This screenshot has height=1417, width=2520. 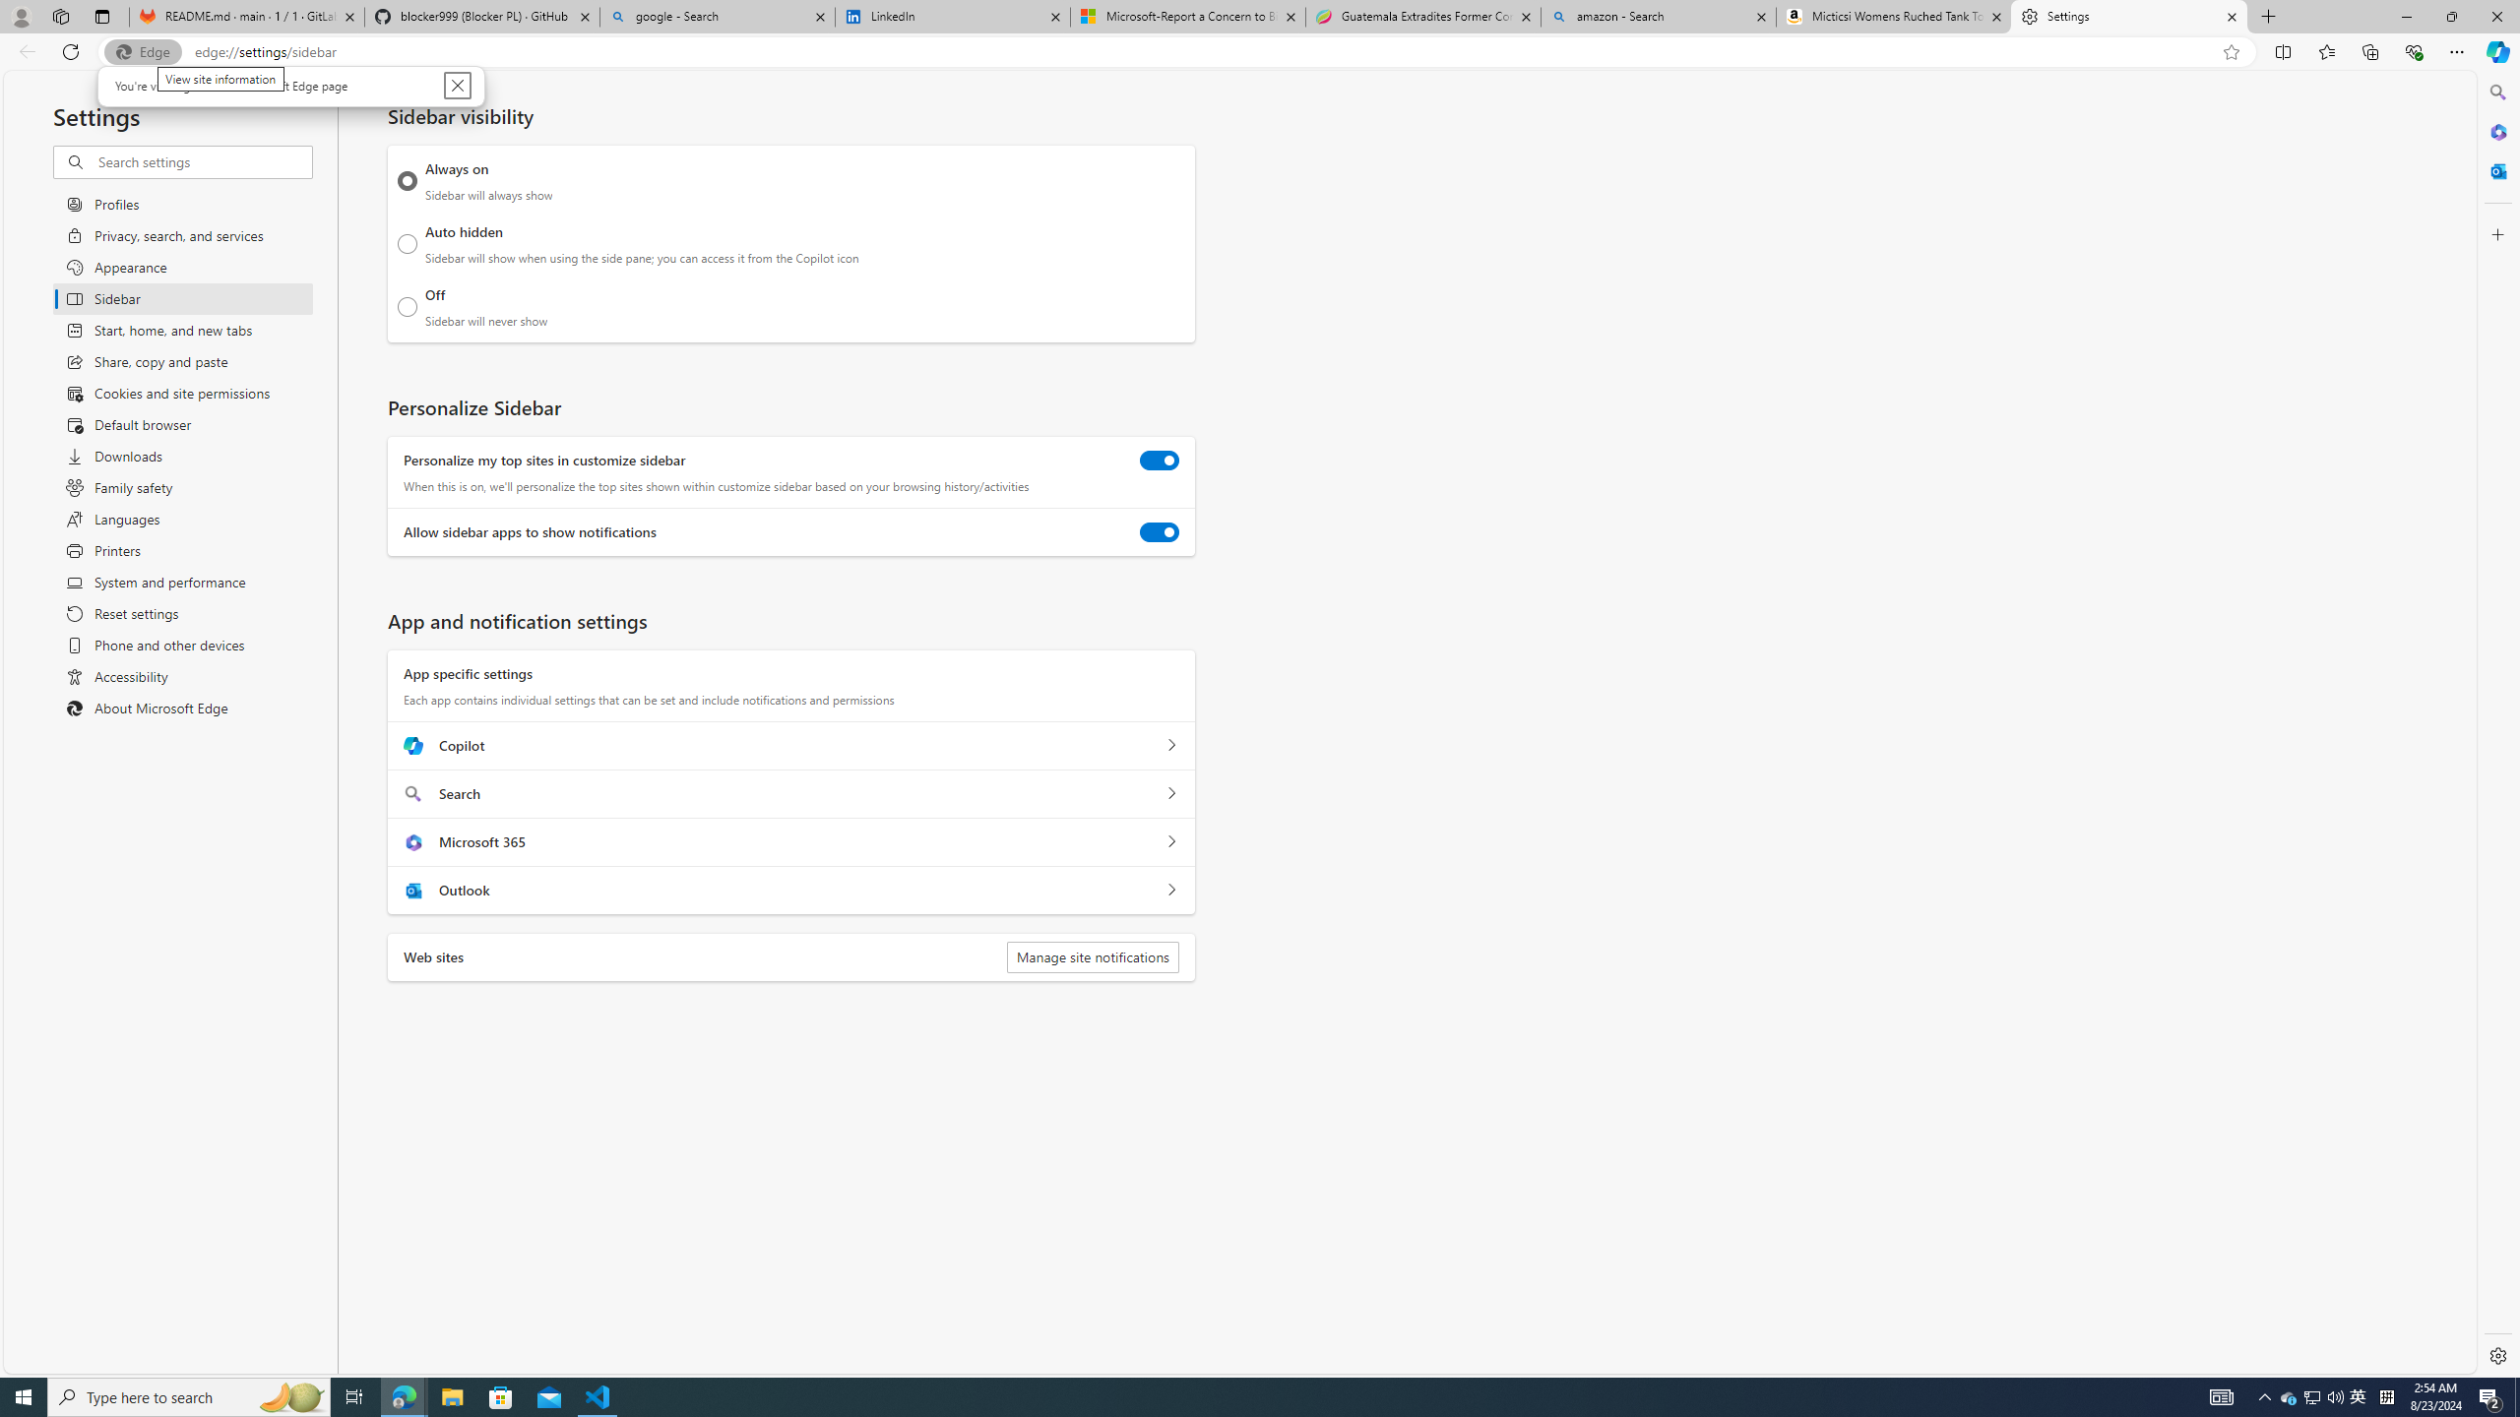 I want to click on 'Microsoft Edge - 2 running windows', so click(x=403, y=1395).